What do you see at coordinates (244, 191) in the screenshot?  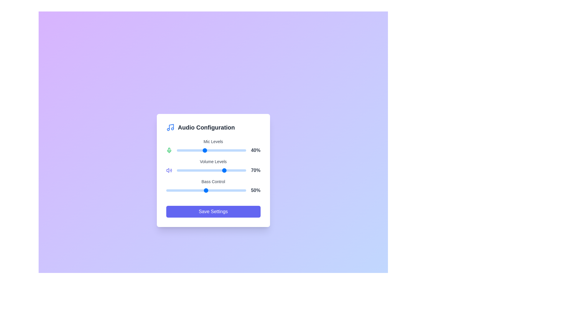 I see `the Bass Control slider to 97% by dragging the slider` at bounding box center [244, 191].